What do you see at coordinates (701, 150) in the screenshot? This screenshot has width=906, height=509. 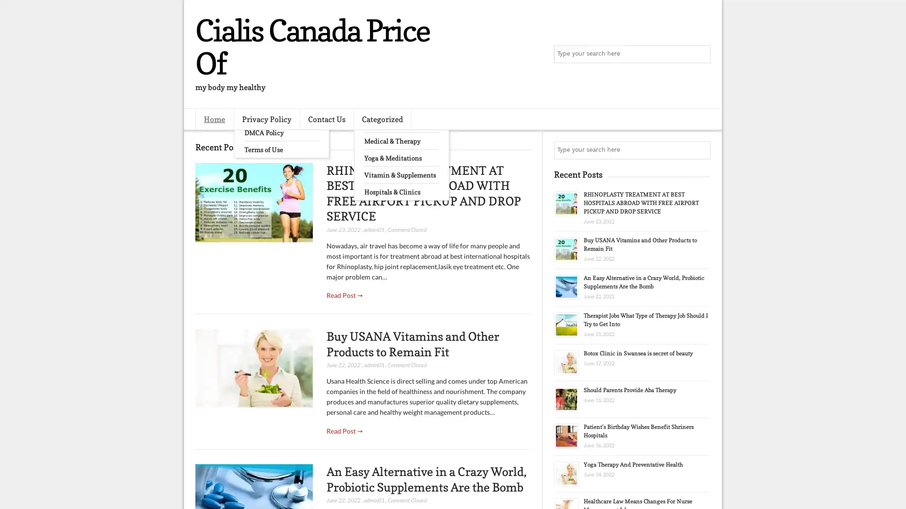 I see `Search` at bounding box center [701, 150].